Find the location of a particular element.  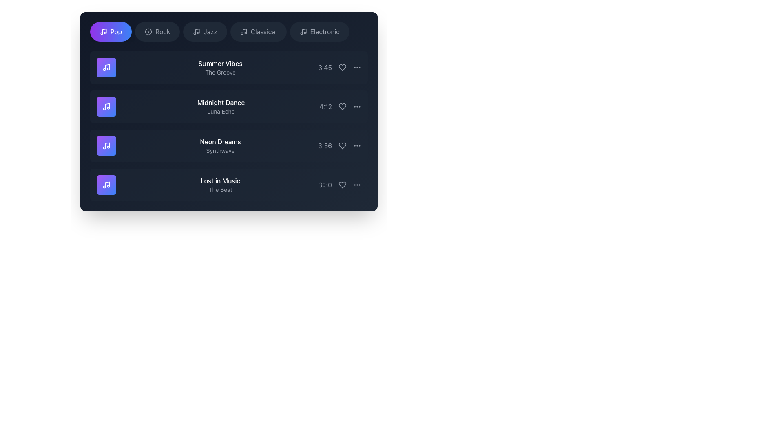

the fourth media track list item titled 'Lost in Music' is located at coordinates (228, 185).